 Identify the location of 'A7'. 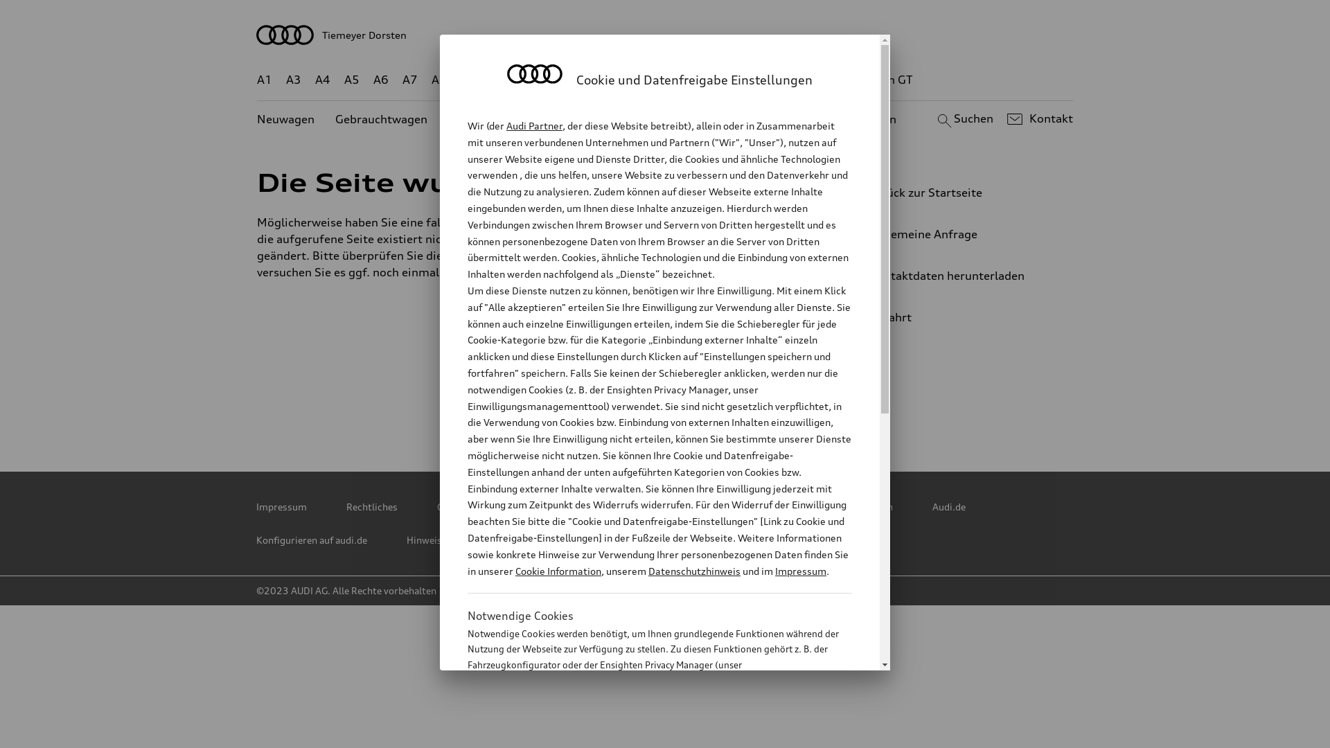
(401, 80).